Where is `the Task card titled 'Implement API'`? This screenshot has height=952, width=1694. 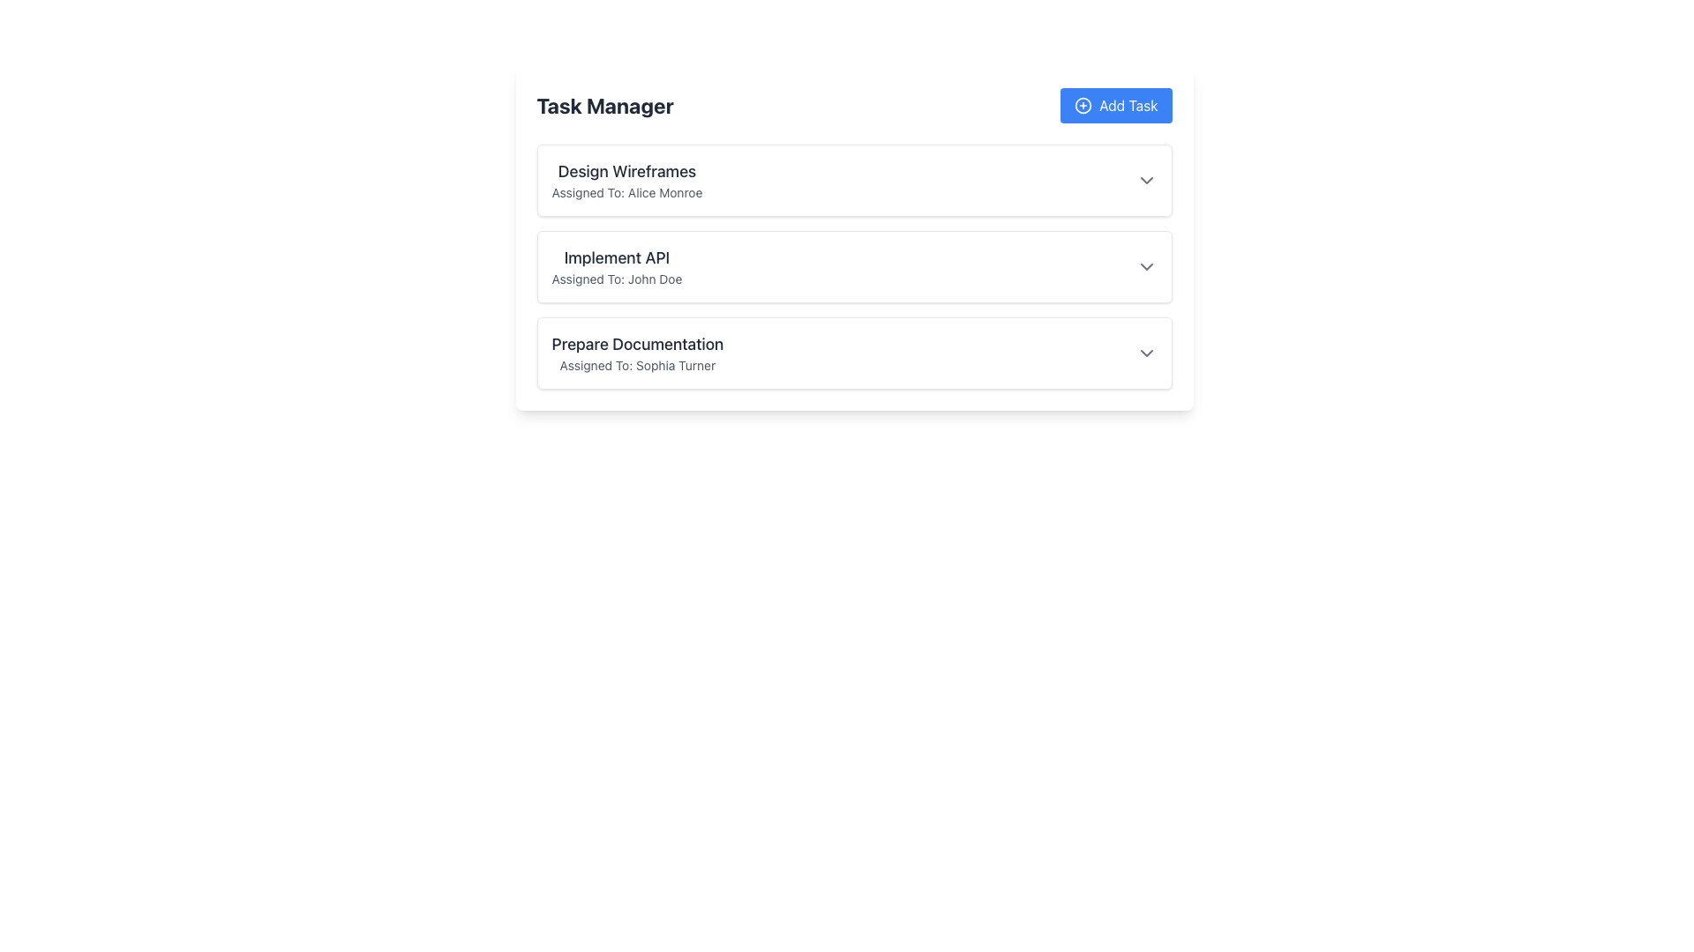
the Task card titled 'Implement API' is located at coordinates (854, 238).